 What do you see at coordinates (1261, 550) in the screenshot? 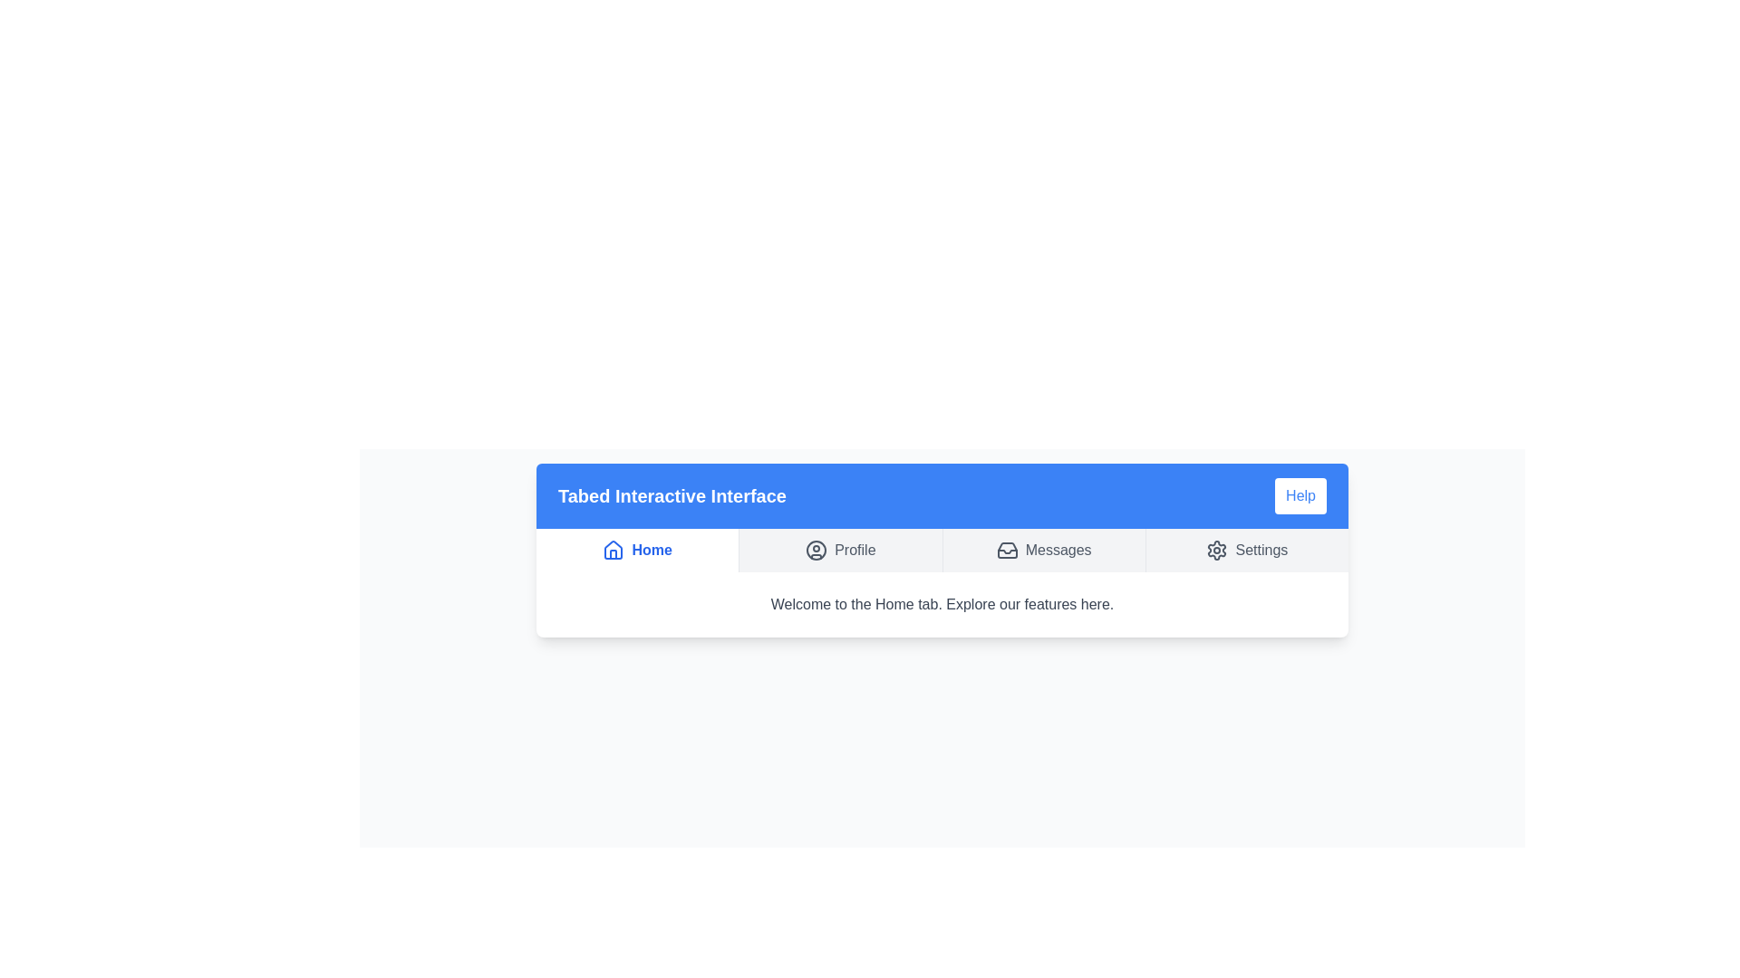
I see `the text label located at the far right of the horizontal navigation toolbar, which provides context for the adjacent settings gear icon` at bounding box center [1261, 550].